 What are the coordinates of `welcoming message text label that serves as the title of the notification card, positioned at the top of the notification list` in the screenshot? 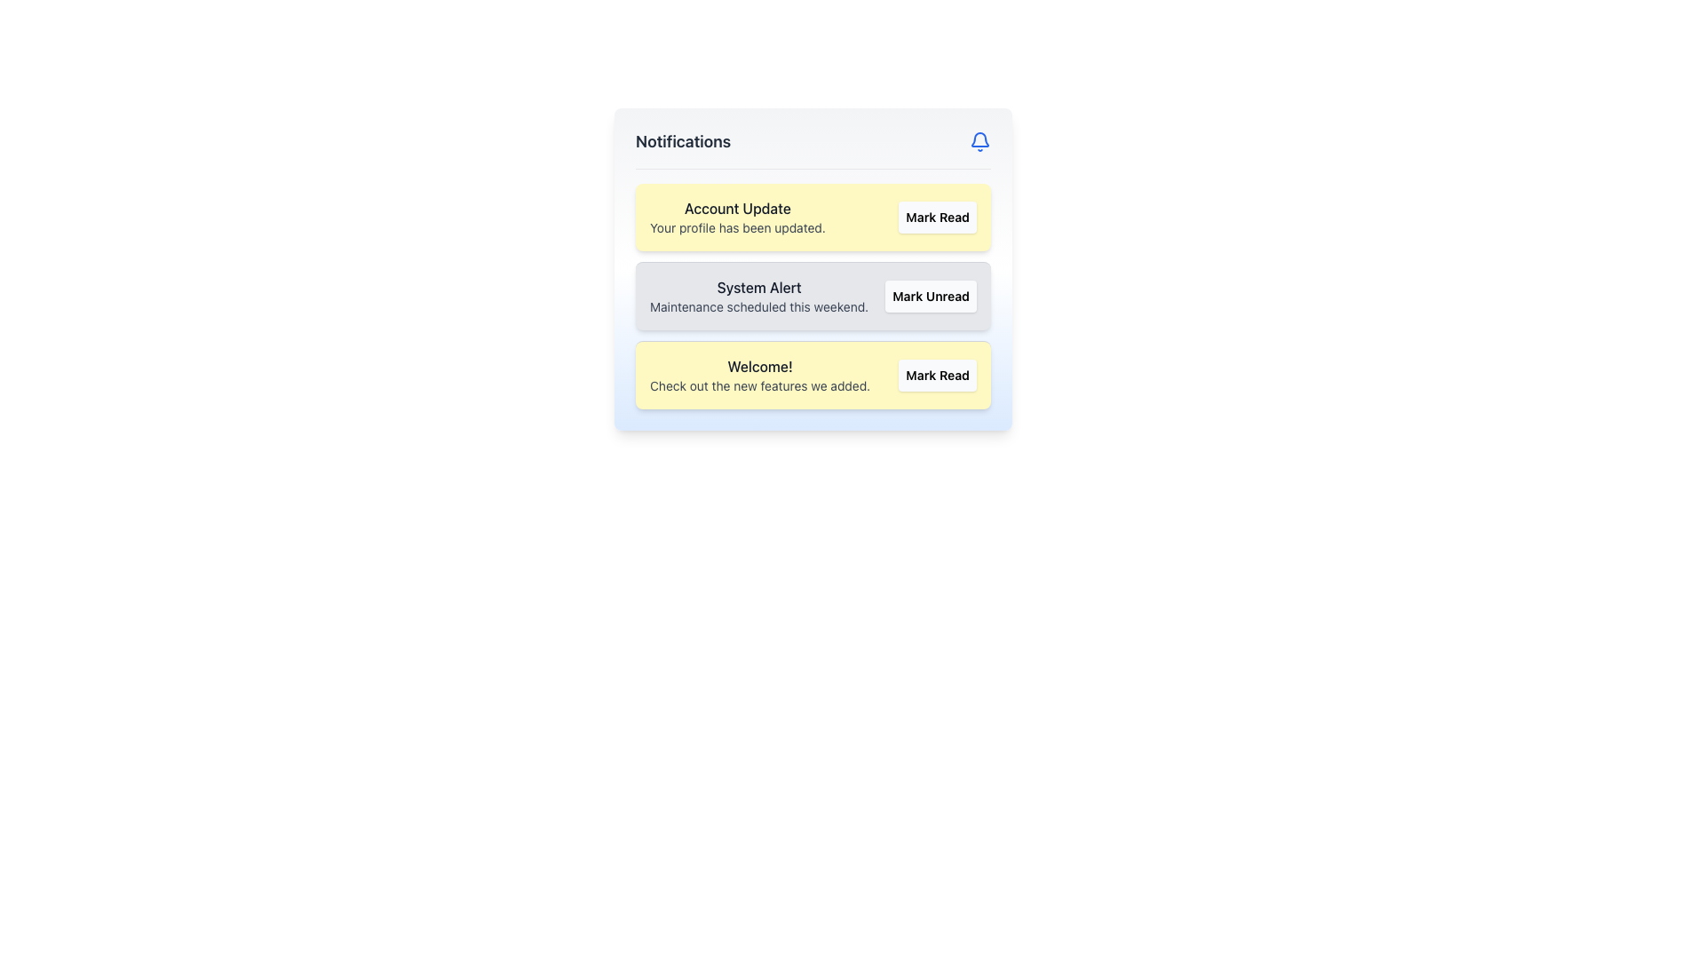 It's located at (760, 365).